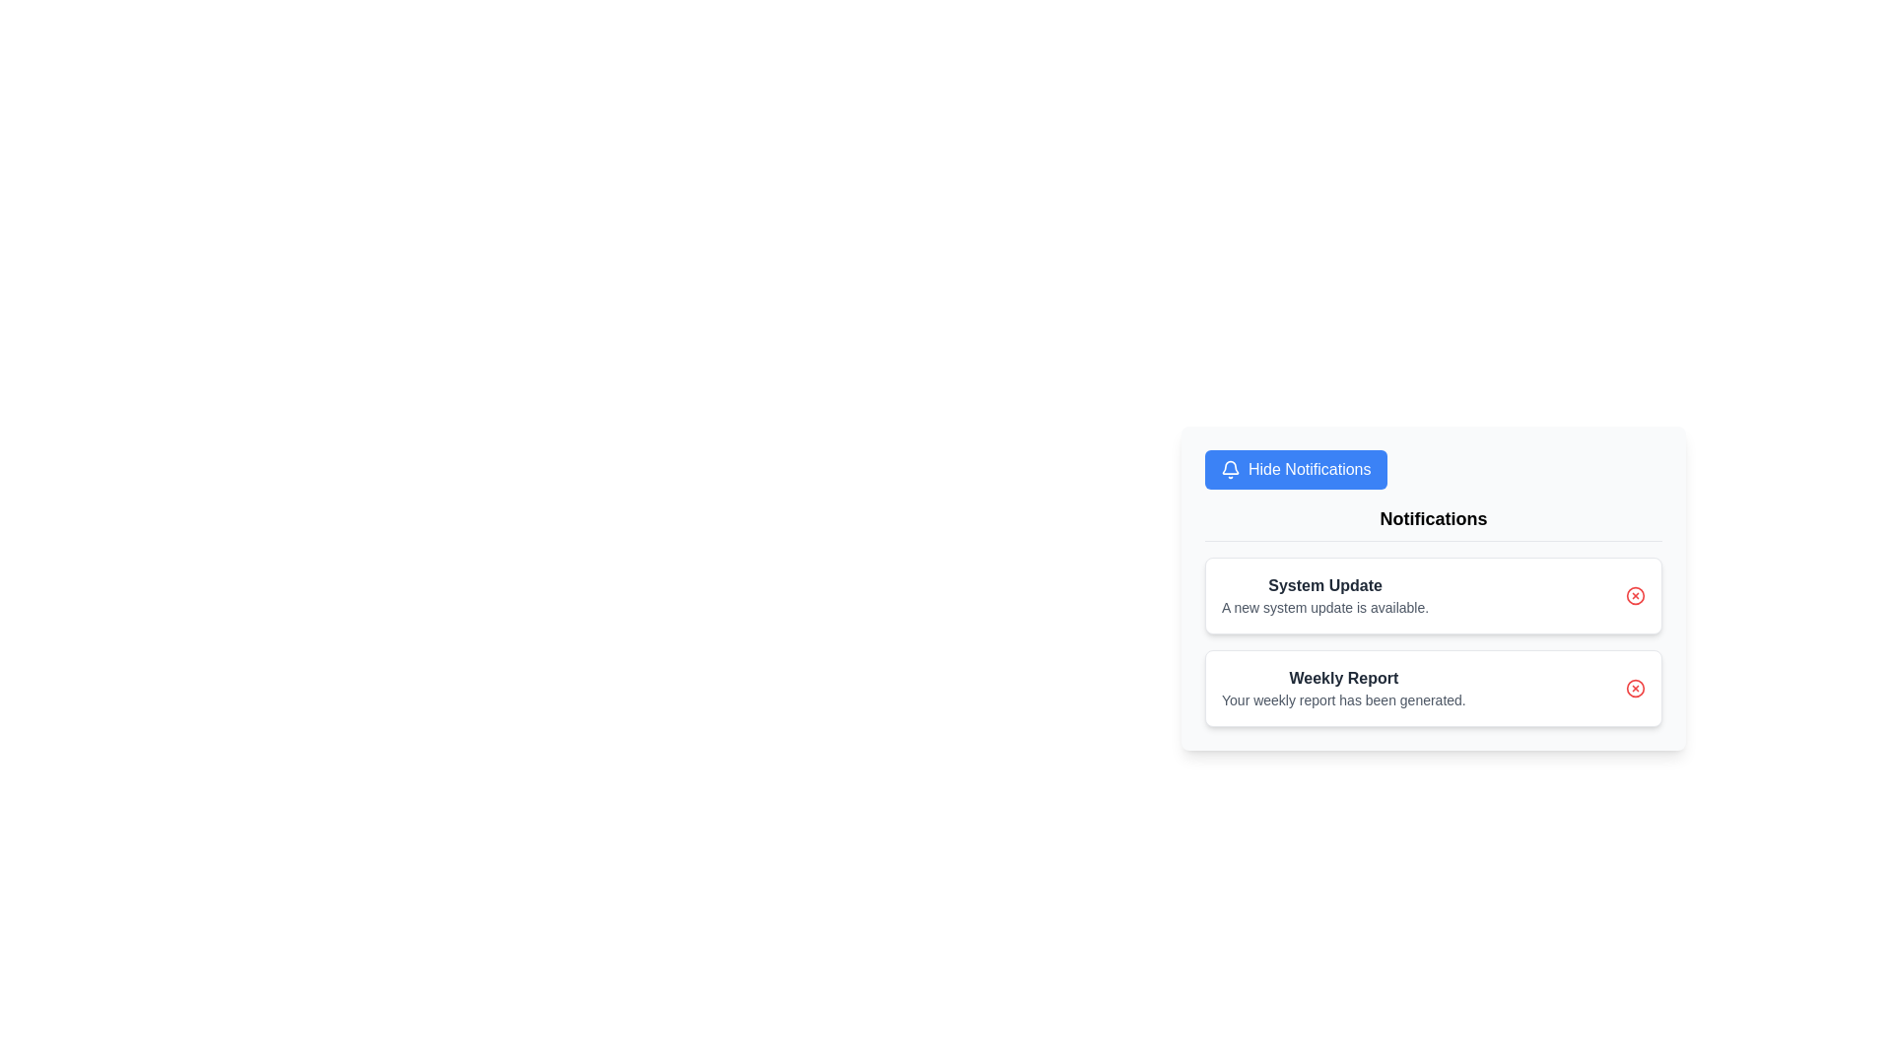 This screenshot has height=1064, width=1892. Describe the element at coordinates (1636, 687) in the screenshot. I see `the close button of the 'Weekly Report' notification, which is located at the far right of the notification list under the 'Notifications' section` at that location.